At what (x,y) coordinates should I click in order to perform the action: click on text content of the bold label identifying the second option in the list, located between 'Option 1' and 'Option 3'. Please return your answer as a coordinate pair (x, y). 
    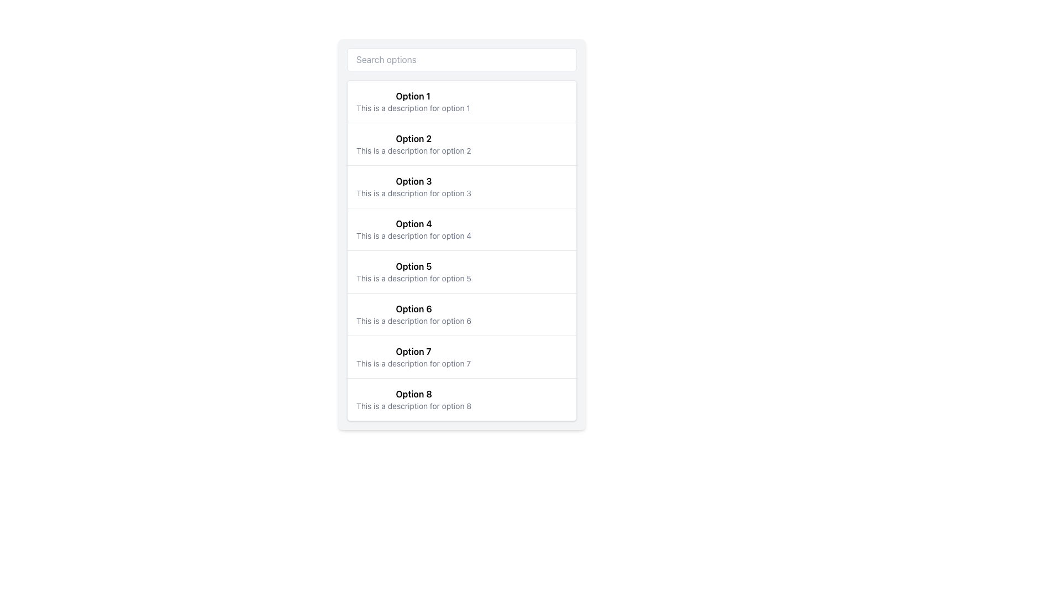
    Looking at the image, I should click on (413, 138).